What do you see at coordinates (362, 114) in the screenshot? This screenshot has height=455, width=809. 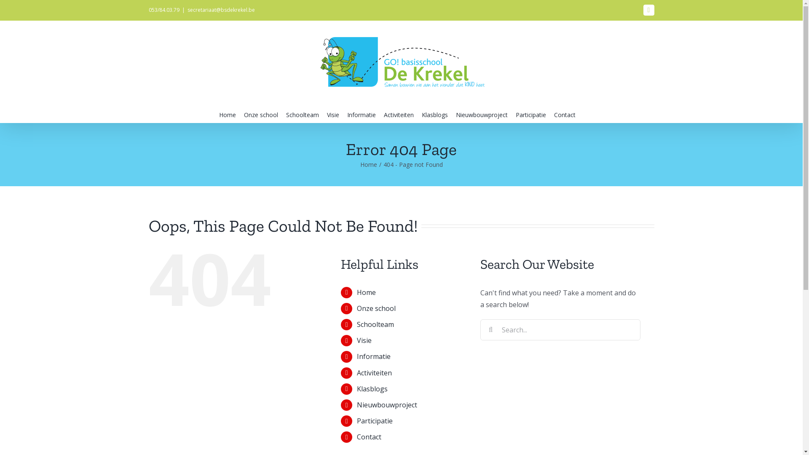 I see `'Informatie'` at bounding box center [362, 114].